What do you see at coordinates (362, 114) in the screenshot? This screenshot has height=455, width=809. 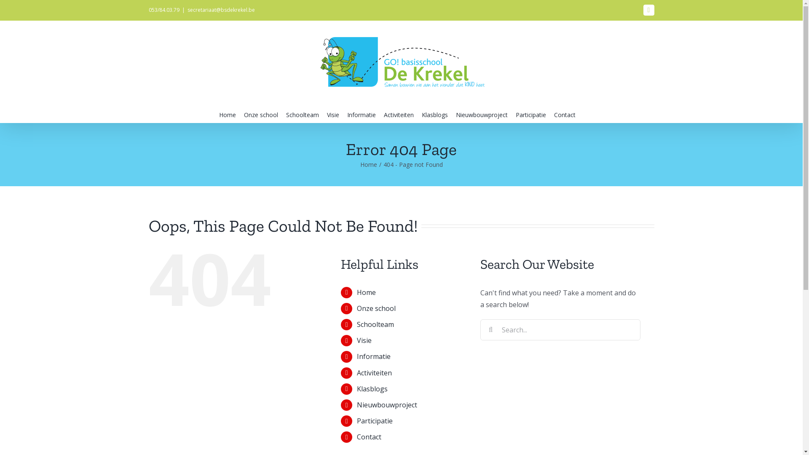 I see `'Informatie'` at bounding box center [362, 114].